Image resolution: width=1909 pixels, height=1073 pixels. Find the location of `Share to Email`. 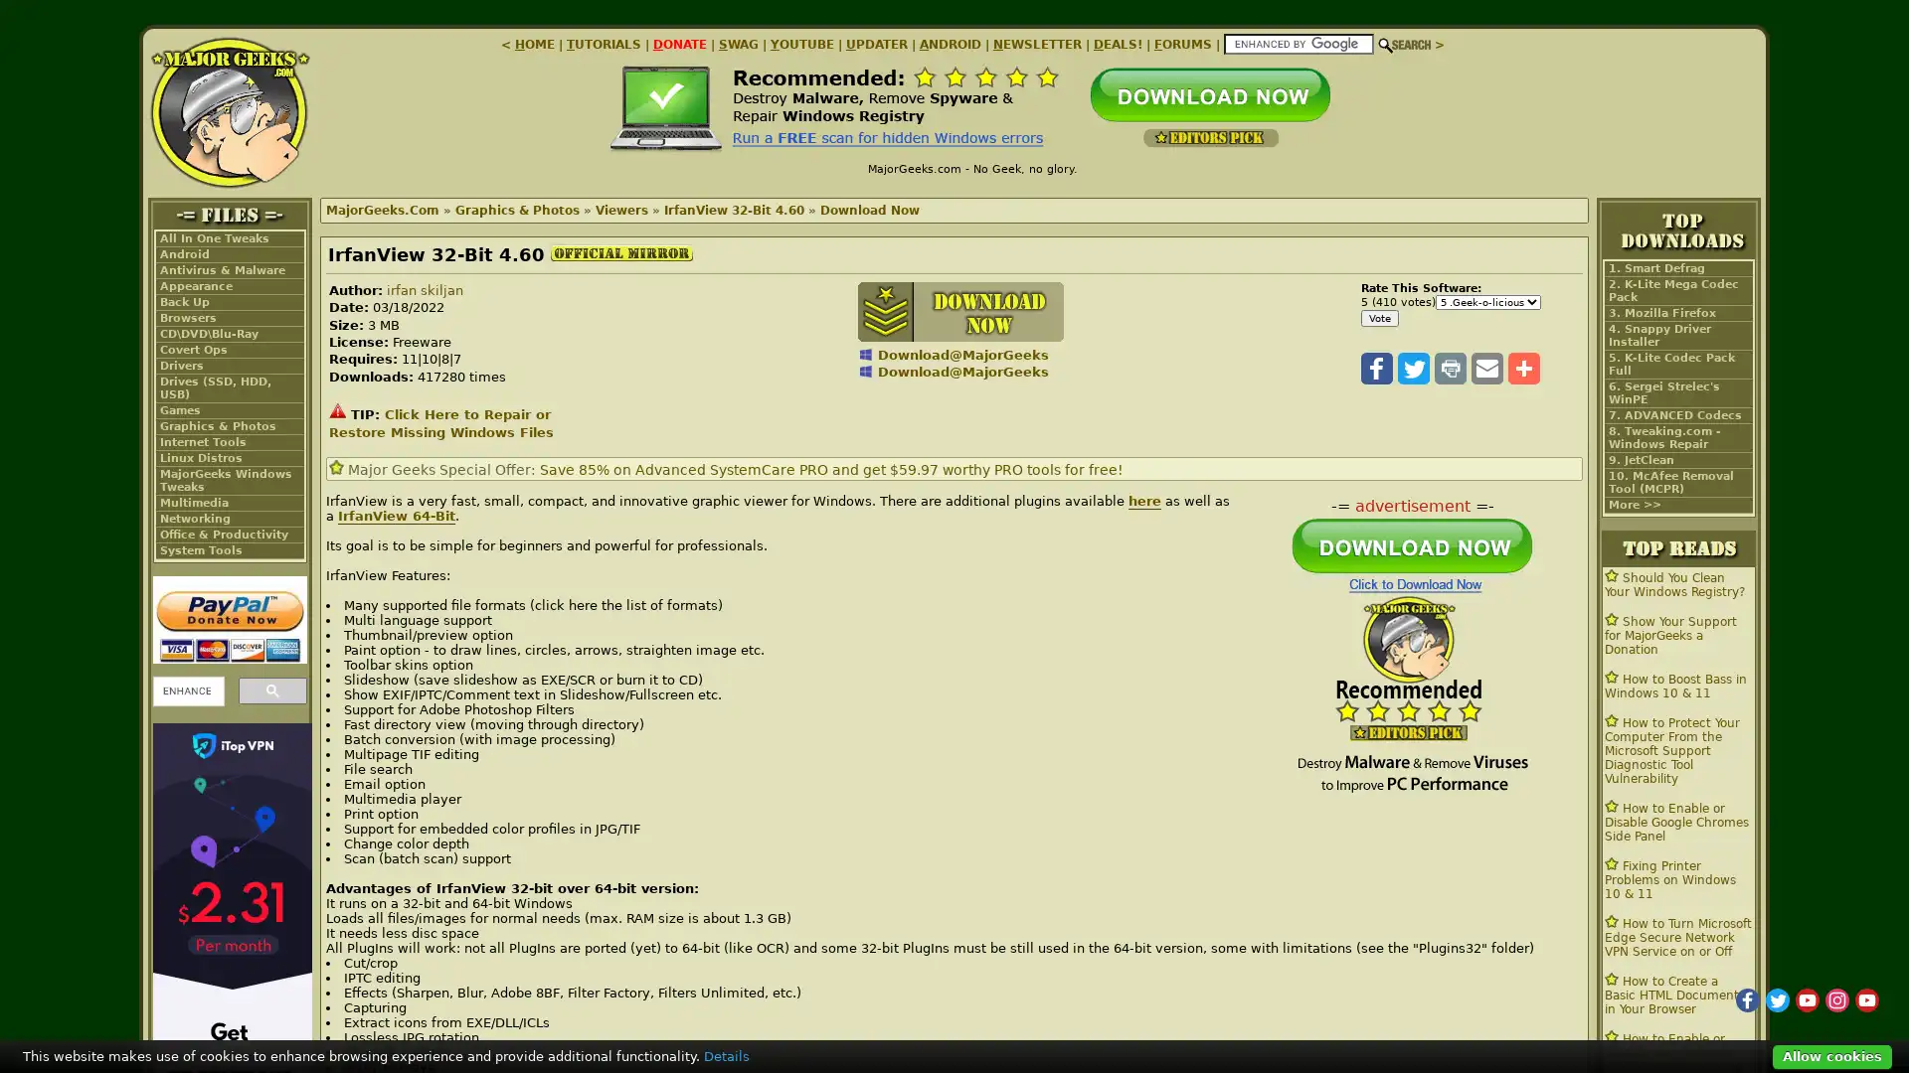

Share to Email is located at coordinates (1487, 368).